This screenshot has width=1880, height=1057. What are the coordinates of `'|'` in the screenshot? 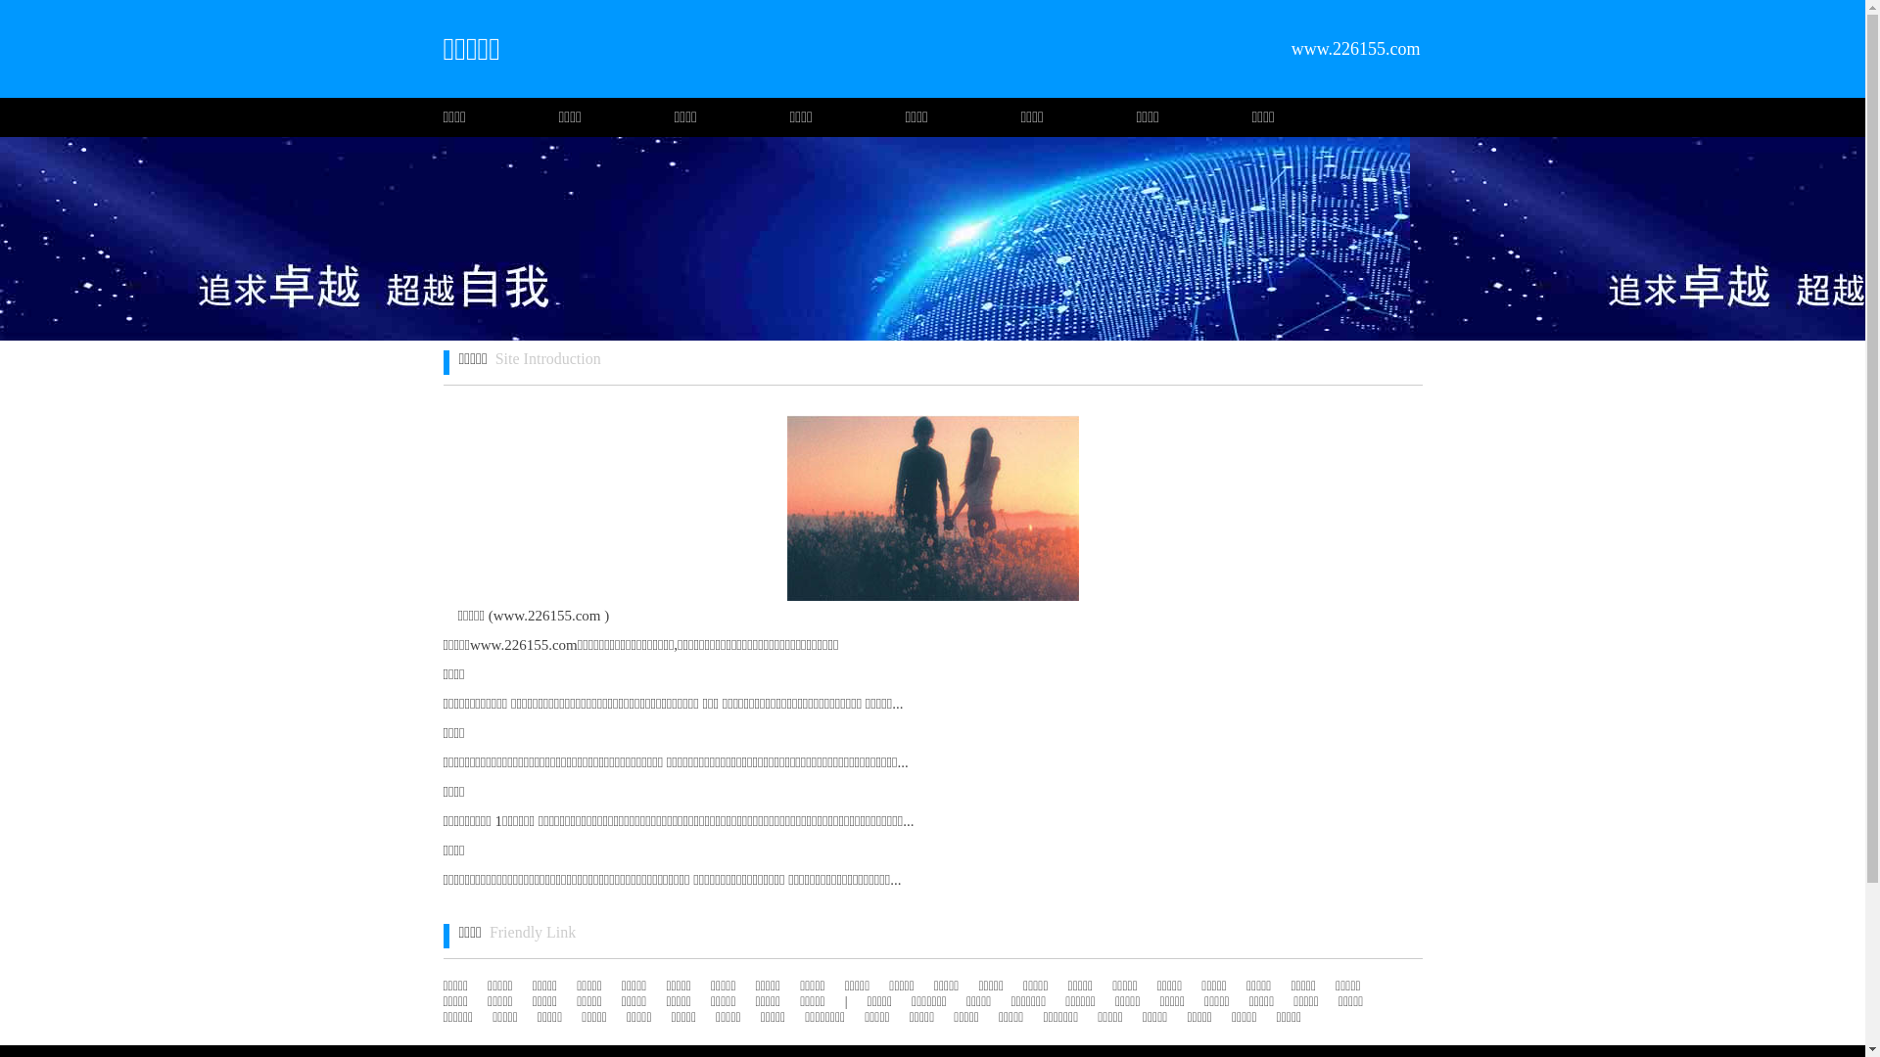 It's located at (846, 1001).